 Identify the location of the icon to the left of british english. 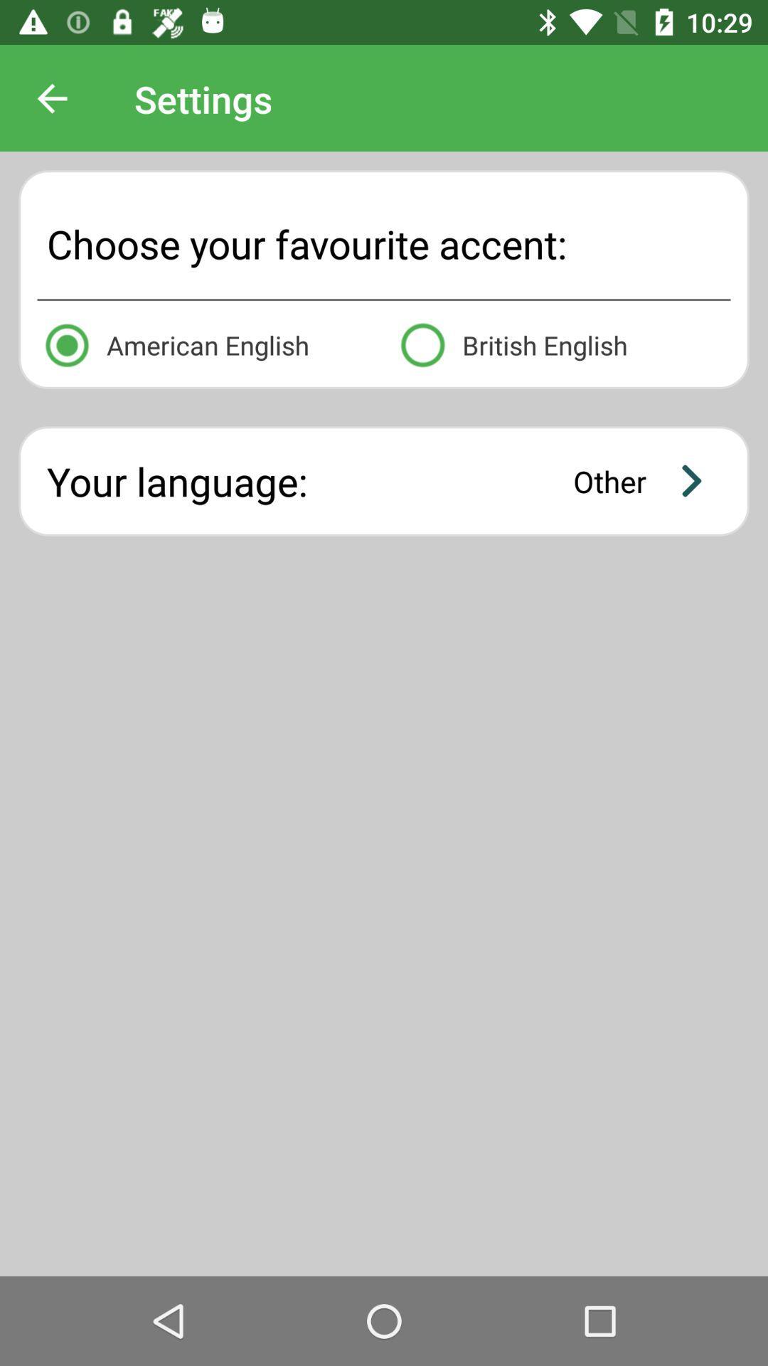
(206, 342).